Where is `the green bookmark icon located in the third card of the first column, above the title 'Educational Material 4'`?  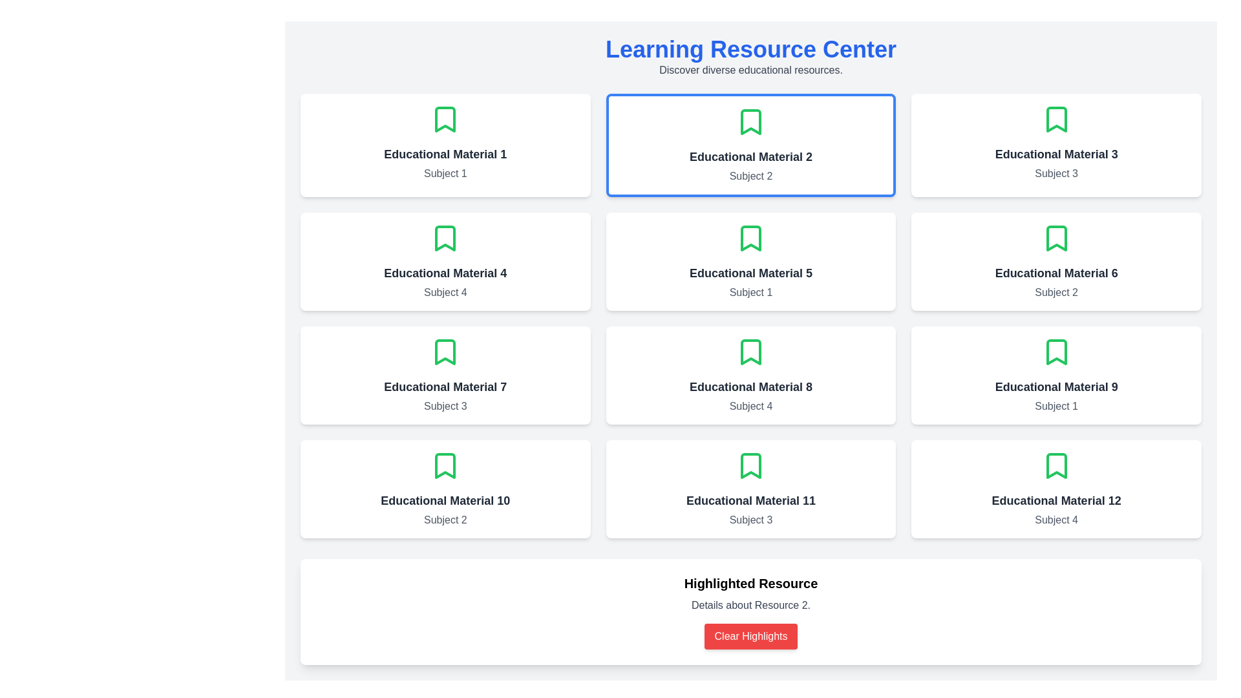 the green bookmark icon located in the third card of the first column, above the title 'Educational Material 4' is located at coordinates (445, 238).